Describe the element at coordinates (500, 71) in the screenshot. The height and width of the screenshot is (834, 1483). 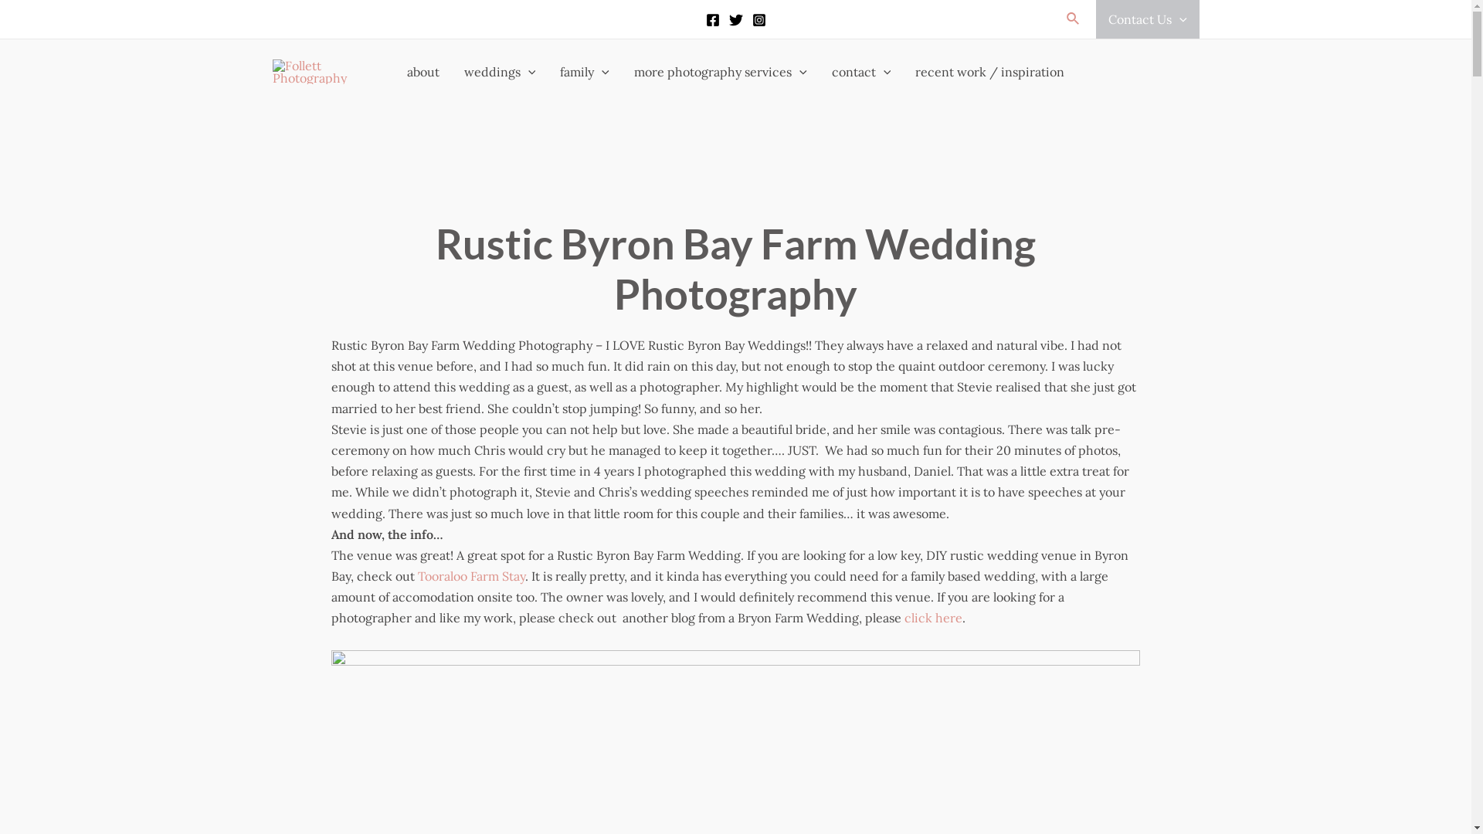
I see `'weddings'` at that location.